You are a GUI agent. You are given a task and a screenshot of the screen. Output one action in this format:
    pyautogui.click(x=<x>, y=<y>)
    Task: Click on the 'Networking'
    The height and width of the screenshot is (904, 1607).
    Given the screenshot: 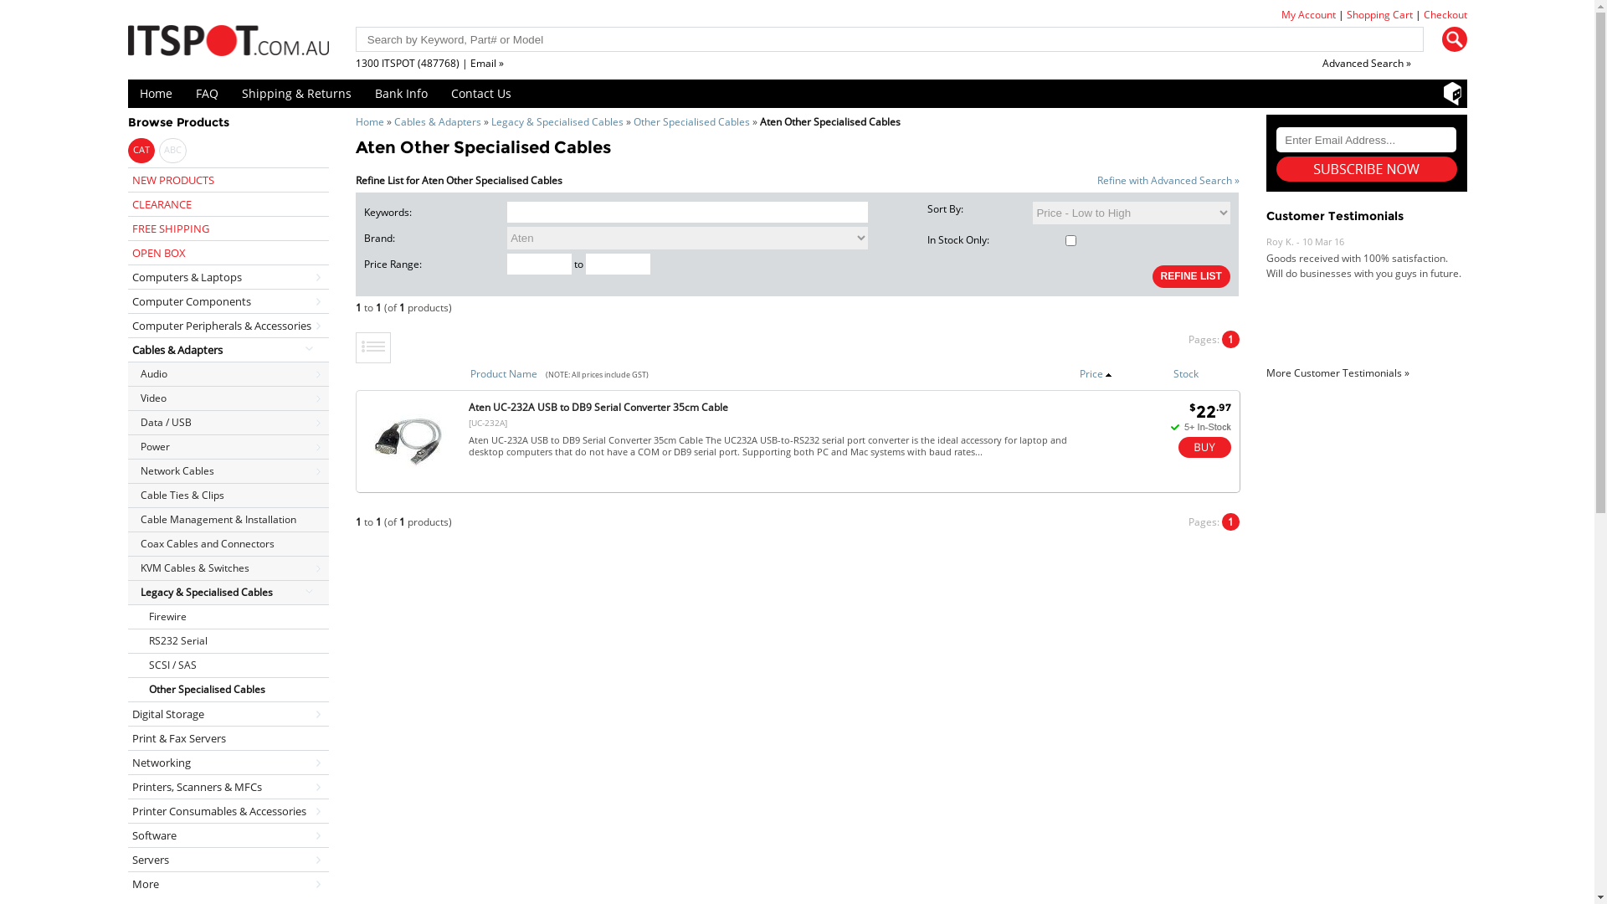 What is the action you would take?
    pyautogui.click(x=227, y=762)
    